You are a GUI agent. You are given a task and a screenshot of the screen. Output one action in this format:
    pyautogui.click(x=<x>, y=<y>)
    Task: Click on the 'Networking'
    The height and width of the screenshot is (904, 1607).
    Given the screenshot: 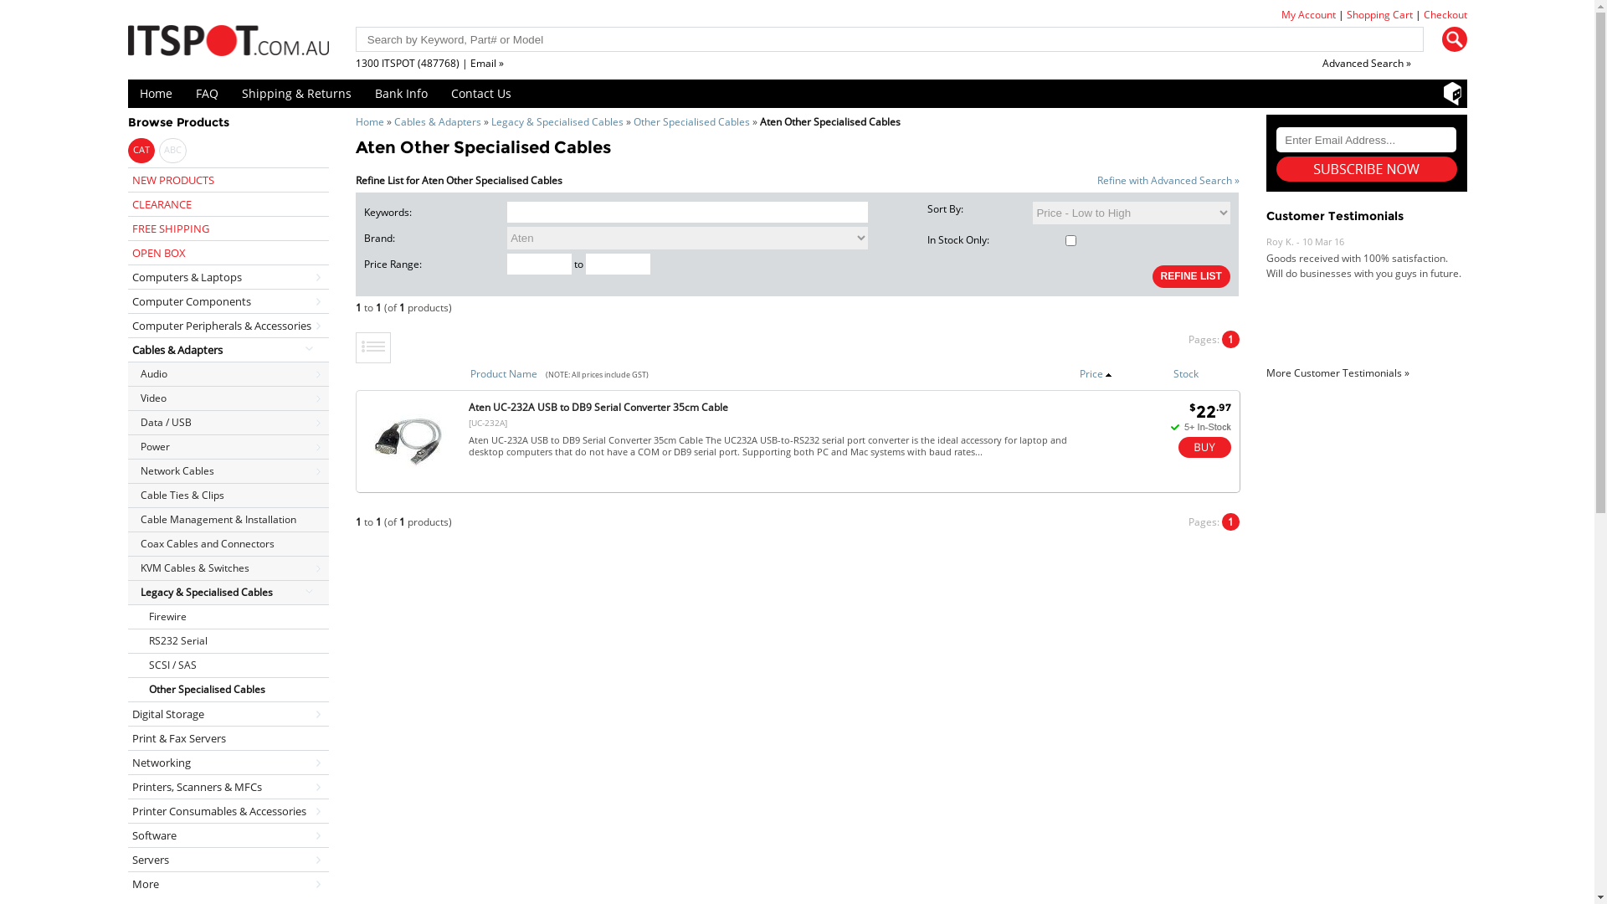 What is the action you would take?
    pyautogui.click(x=227, y=762)
    